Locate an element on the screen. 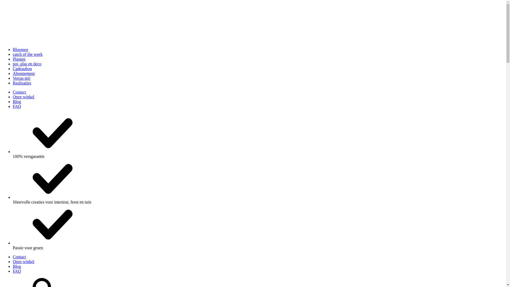  'Onze winkel' is located at coordinates (23, 261).